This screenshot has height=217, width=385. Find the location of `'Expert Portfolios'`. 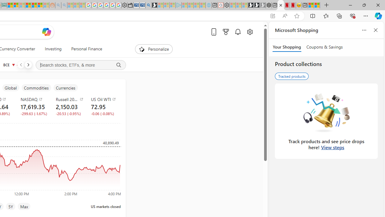

'Expert Portfolios' is located at coordinates (28, 5).